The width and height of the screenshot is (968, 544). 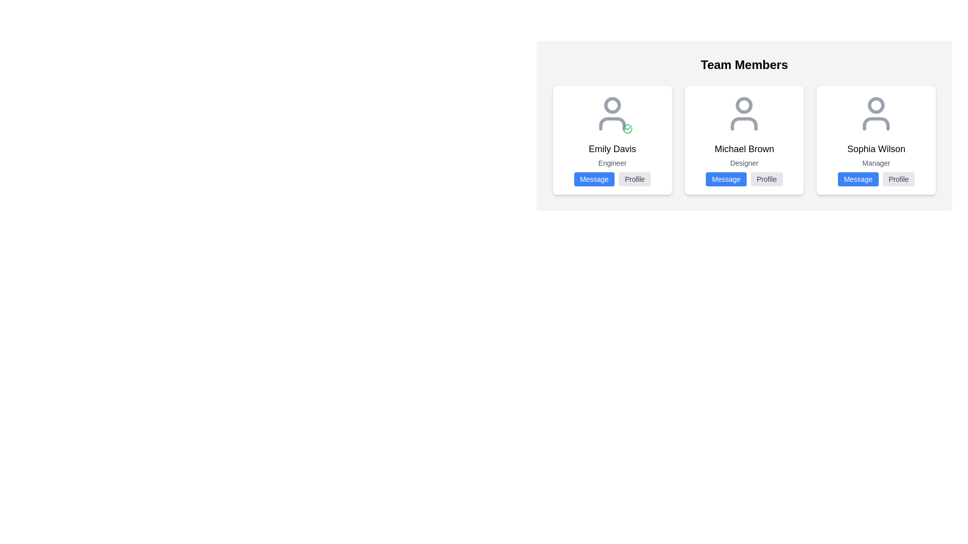 I want to click on the 'Message' button in the Button Group for 'Michael Brown' to initiate a communication interface, so click(x=744, y=178).